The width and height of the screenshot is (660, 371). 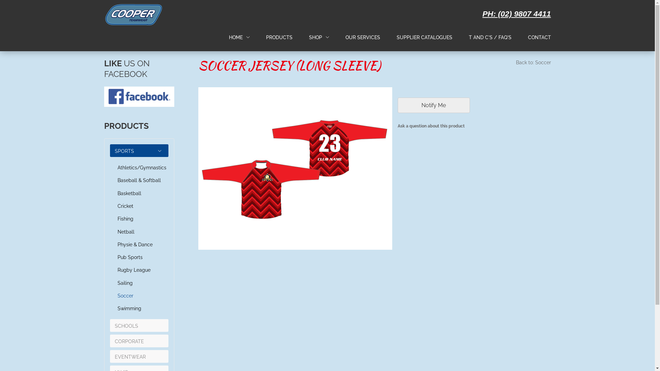 I want to click on 'HOME', so click(x=236, y=37).